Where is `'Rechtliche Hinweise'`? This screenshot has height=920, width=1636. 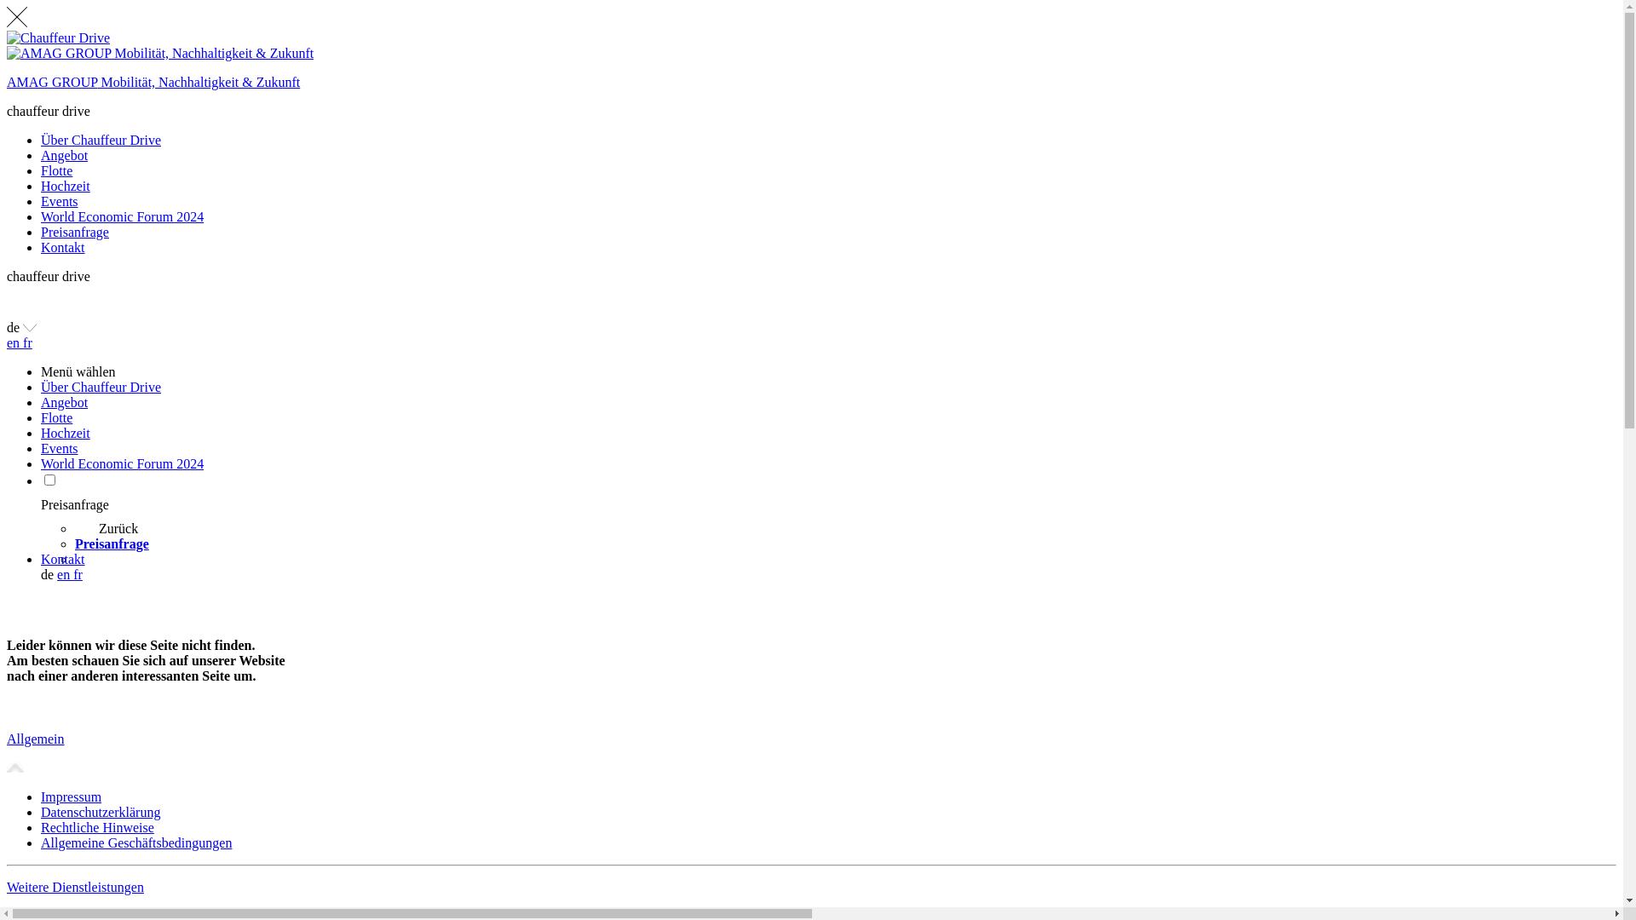 'Rechtliche Hinweise' is located at coordinates (96, 826).